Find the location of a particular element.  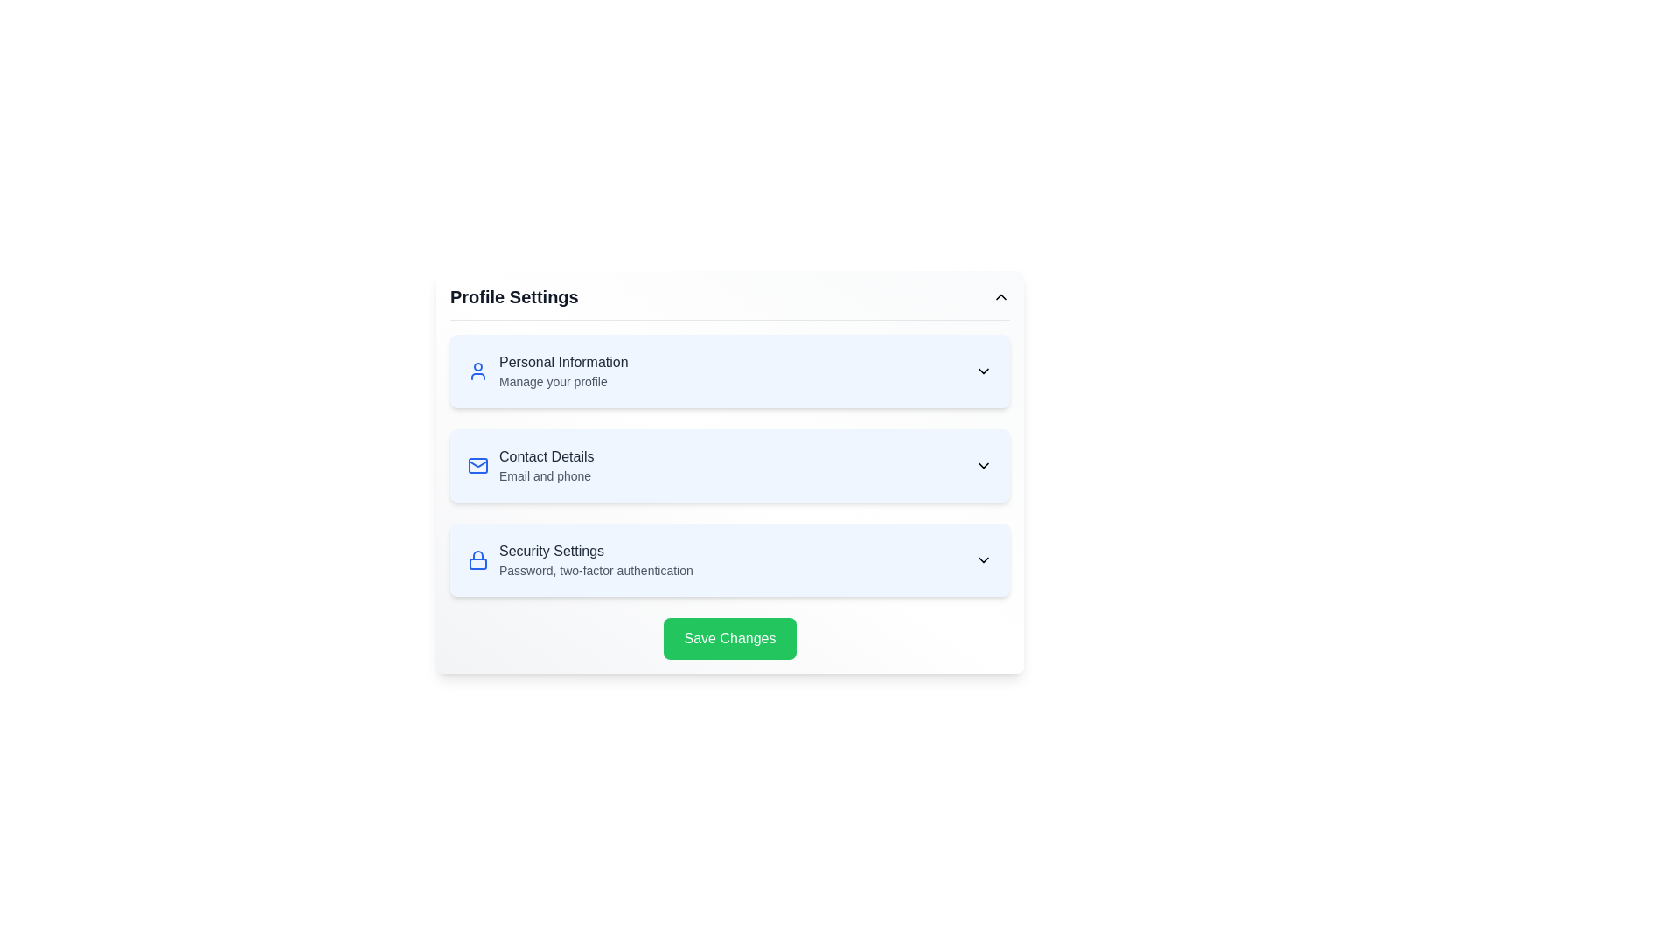

the first row of the 'Profile Settings' list, which is an expandable list item that allows access to personal profile information is located at coordinates (730, 370).